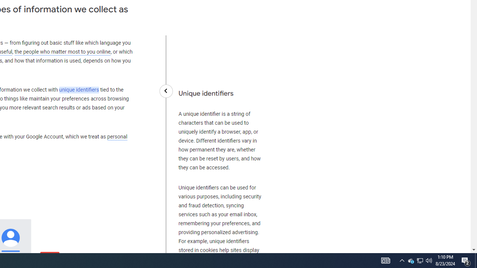 This screenshot has width=477, height=268. What do you see at coordinates (79, 89) in the screenshot?
I see `'unique identifiers'` at bounding box center [79, 89].